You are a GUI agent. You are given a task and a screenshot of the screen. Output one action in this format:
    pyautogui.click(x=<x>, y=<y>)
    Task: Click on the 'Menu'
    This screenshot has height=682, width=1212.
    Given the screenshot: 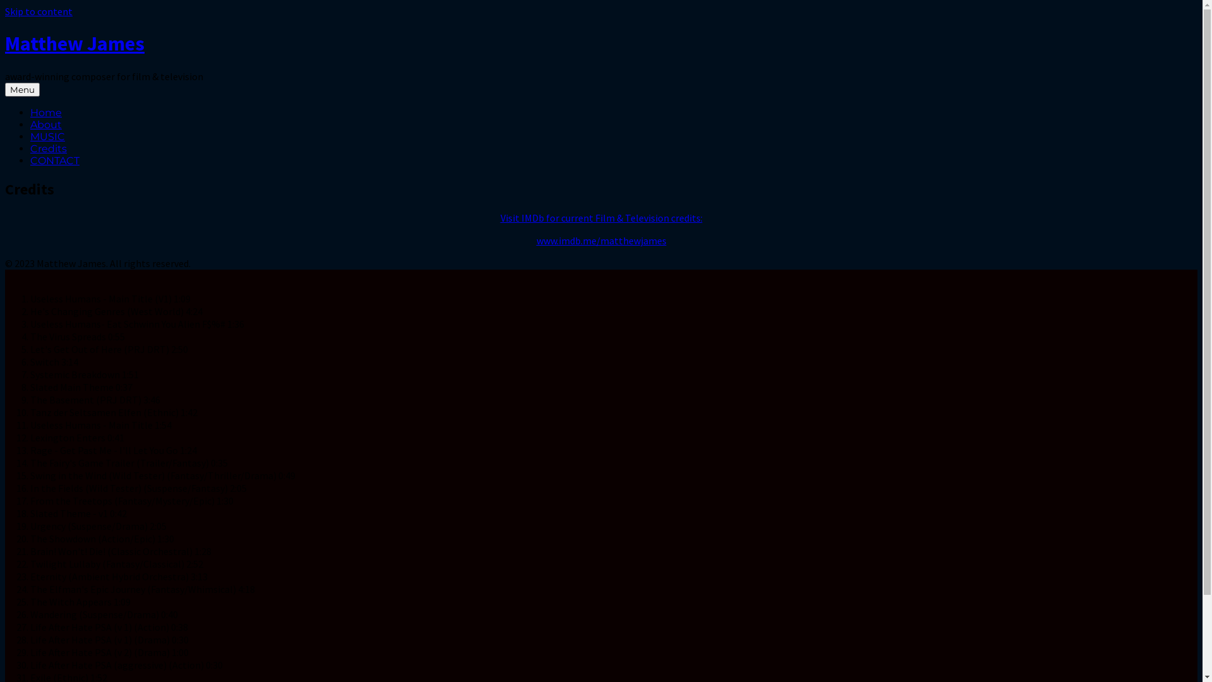 What is the action you would take?
    pyautogui.click(x=5, y=89)
    